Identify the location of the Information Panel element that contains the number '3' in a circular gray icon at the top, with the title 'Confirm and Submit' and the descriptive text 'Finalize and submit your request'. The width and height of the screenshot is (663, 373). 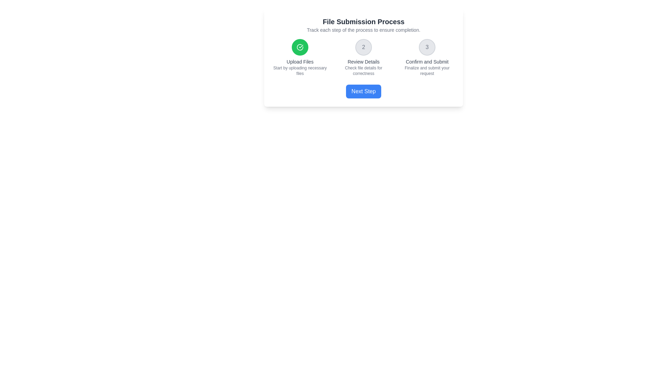
(427, 57).